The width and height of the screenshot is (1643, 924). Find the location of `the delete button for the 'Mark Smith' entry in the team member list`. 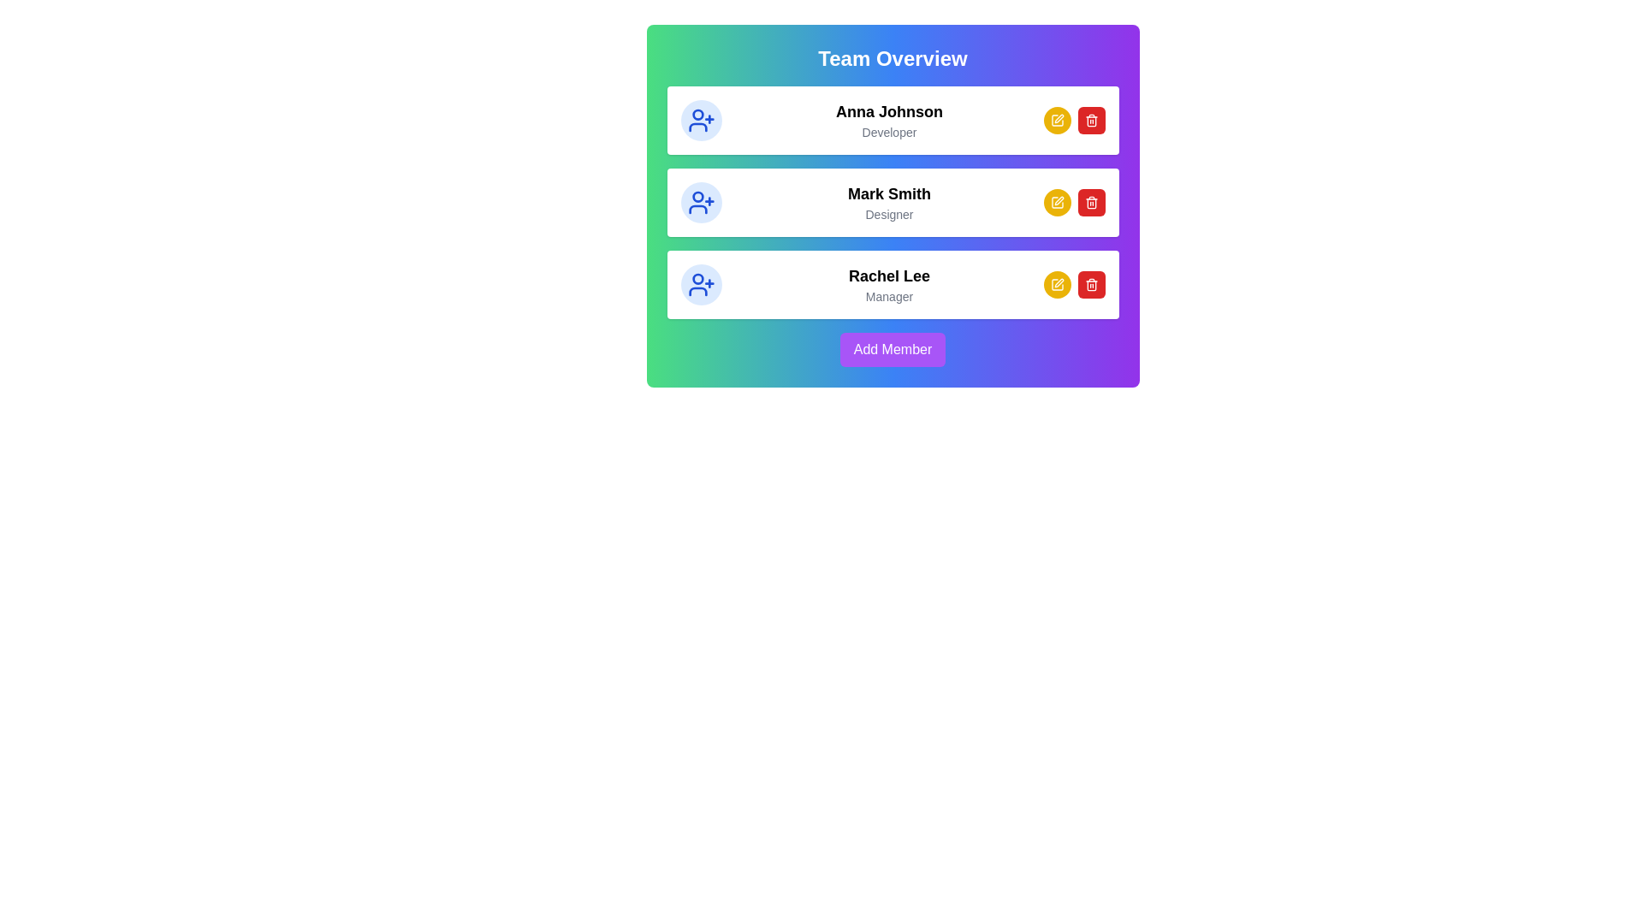

the delete button for the 'Mark Smith' entry in the team member list is located at coordinates (1090, 201).